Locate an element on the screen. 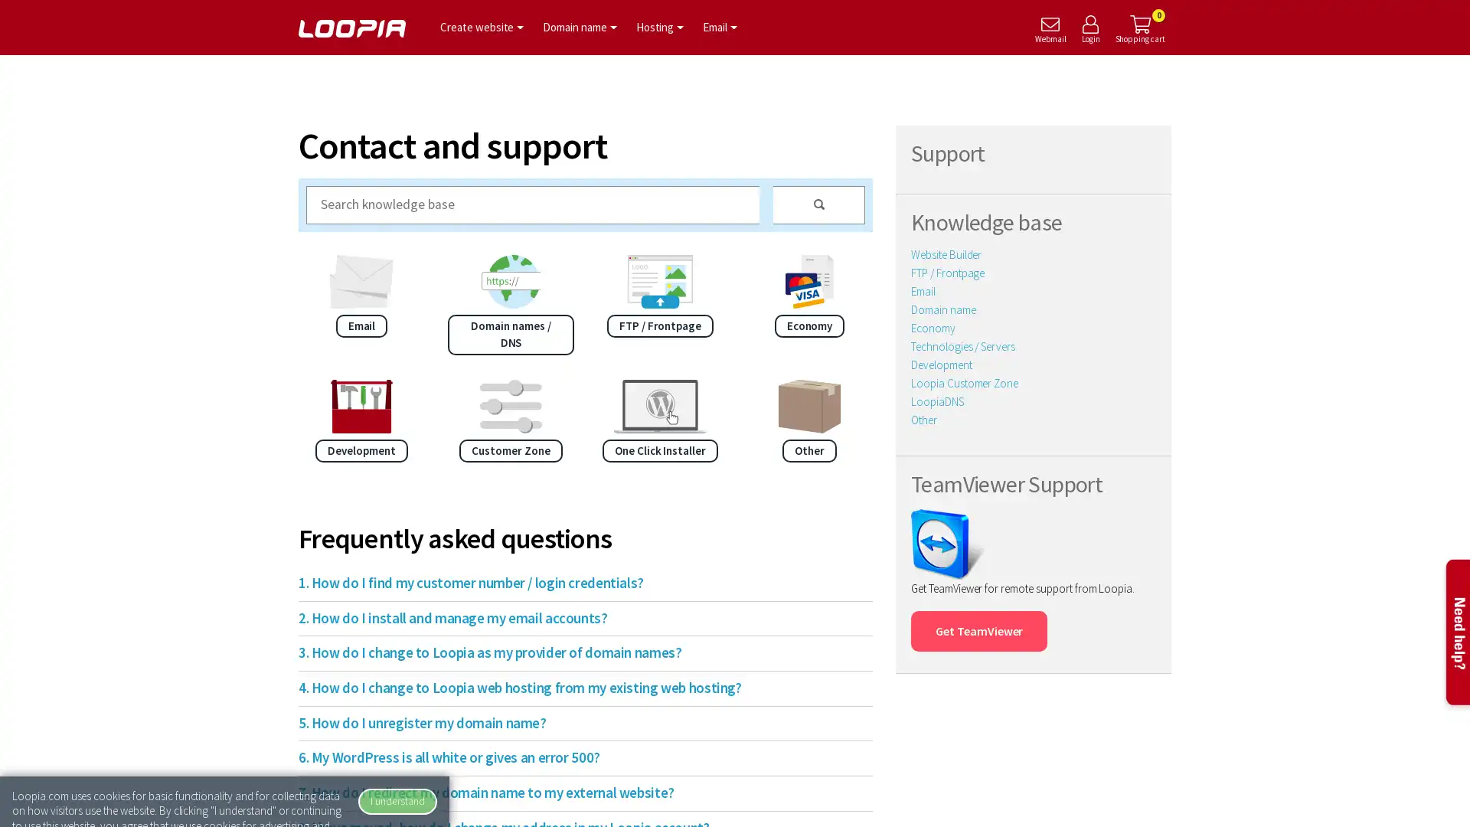  3. How do I change to Loopia as my provider of domain names? is located at coordinates (577, 652).